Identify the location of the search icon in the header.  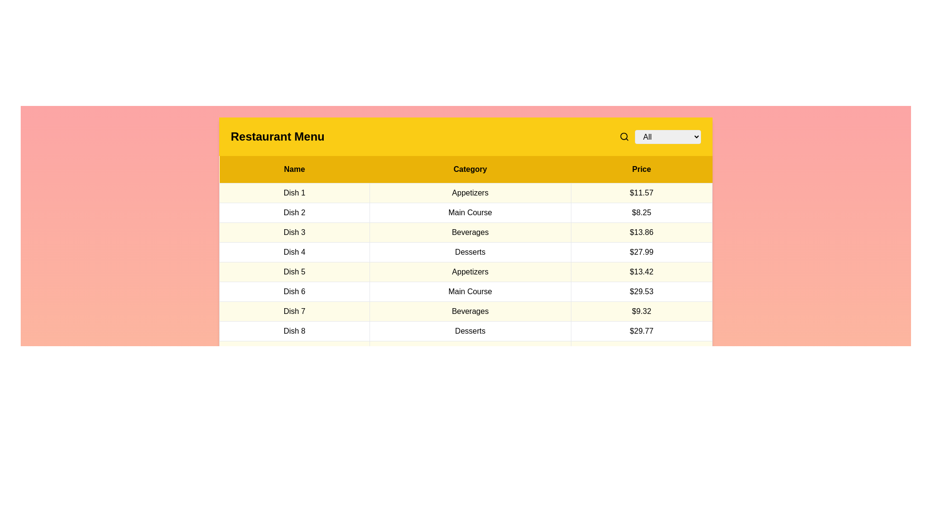
(624, 137).